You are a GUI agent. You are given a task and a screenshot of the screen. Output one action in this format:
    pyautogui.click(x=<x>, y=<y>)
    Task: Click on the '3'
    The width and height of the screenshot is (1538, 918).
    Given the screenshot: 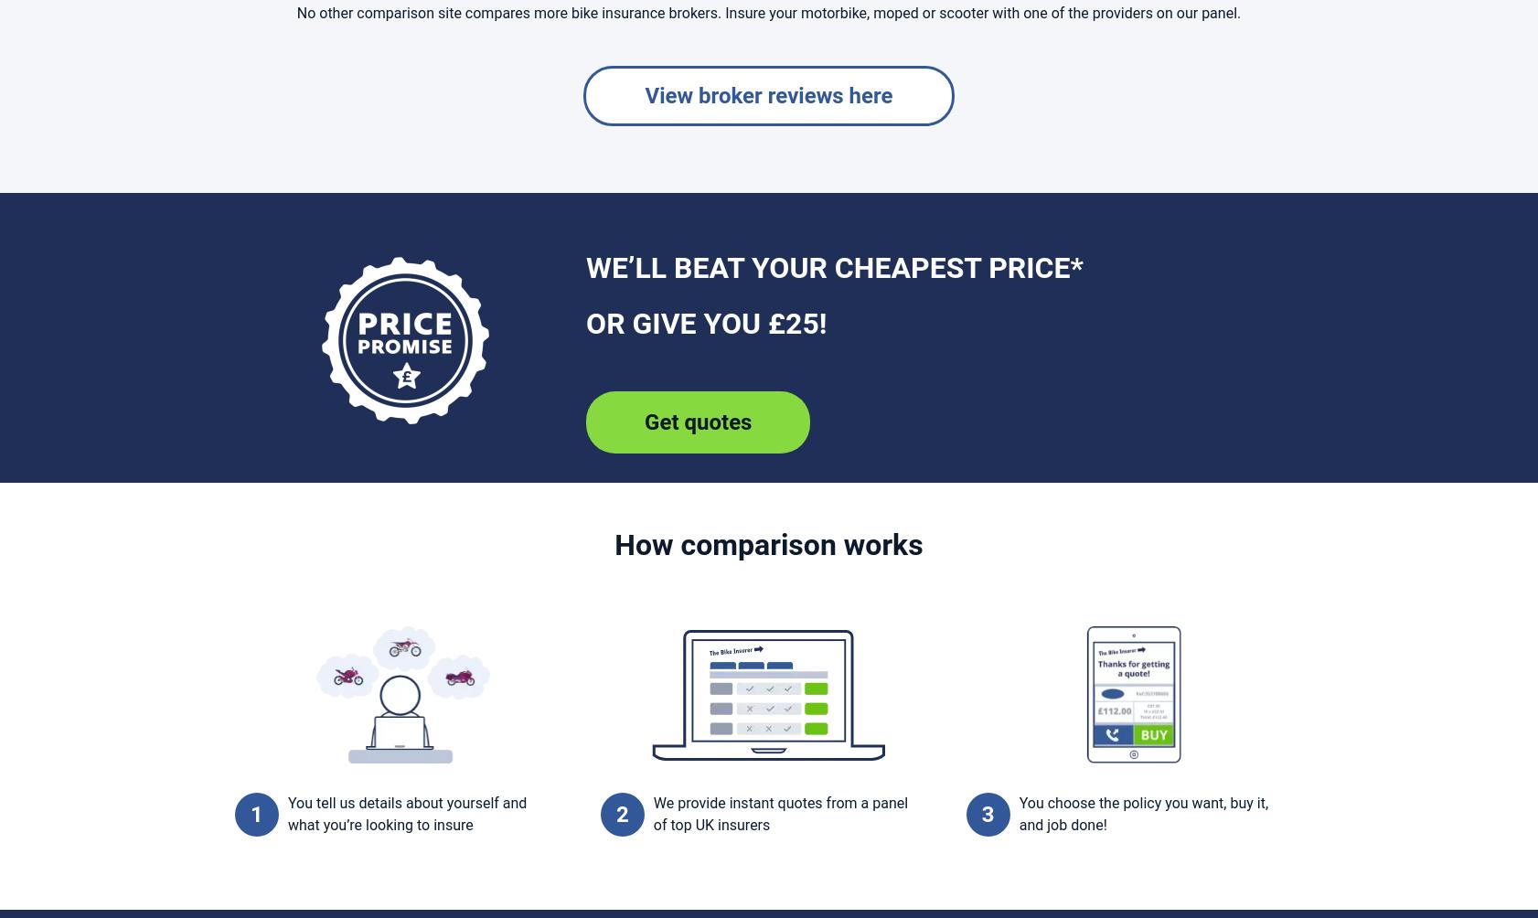 What is the action you would take?
    pyautogui.click(x=987, y=813)
    